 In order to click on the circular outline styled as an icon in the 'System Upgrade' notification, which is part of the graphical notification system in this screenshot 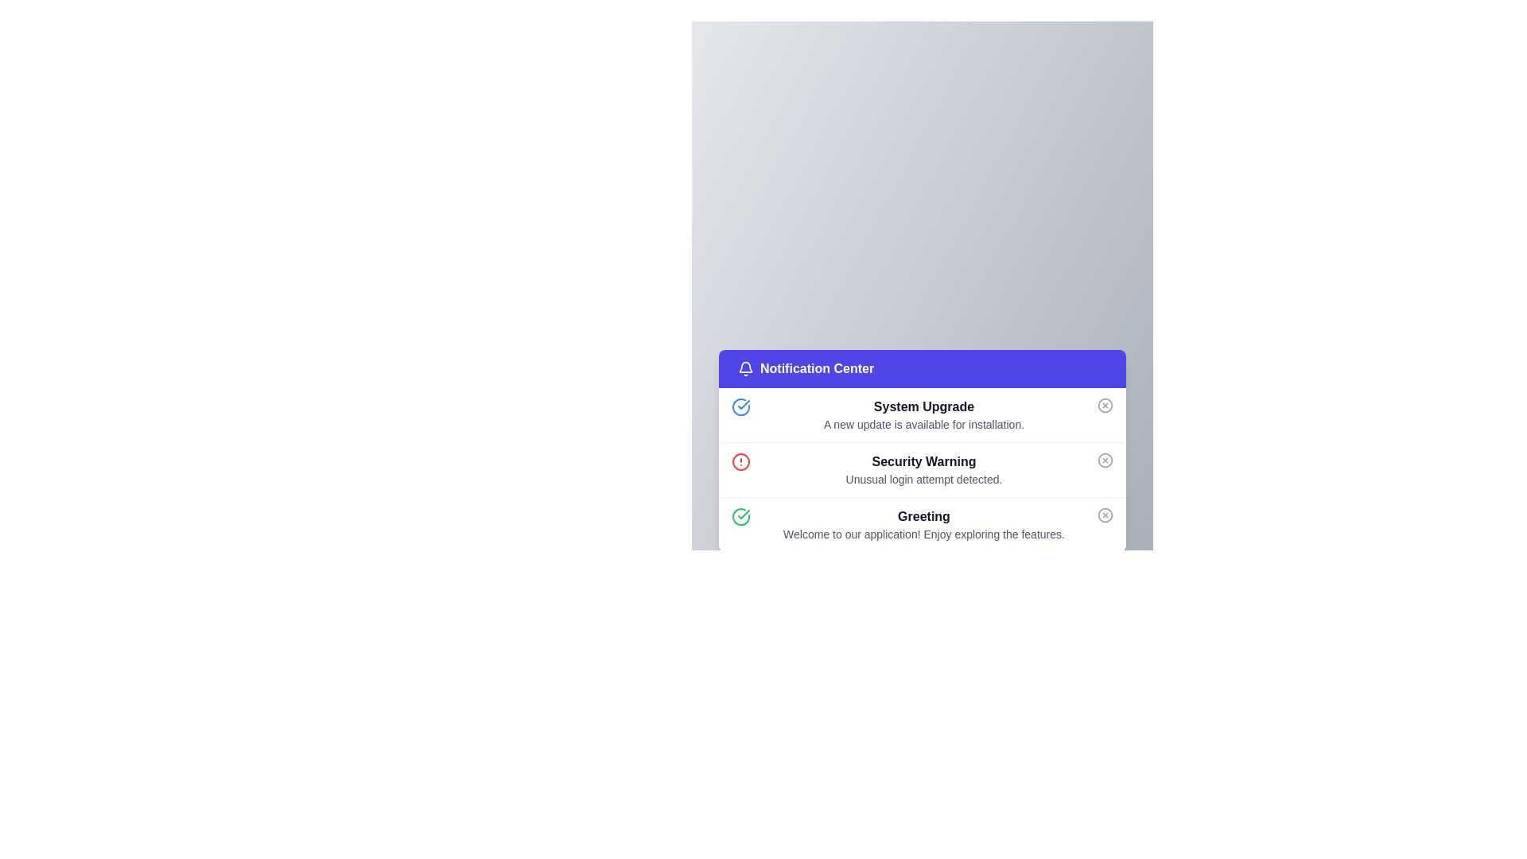, I will do `click(1105, 404)`.